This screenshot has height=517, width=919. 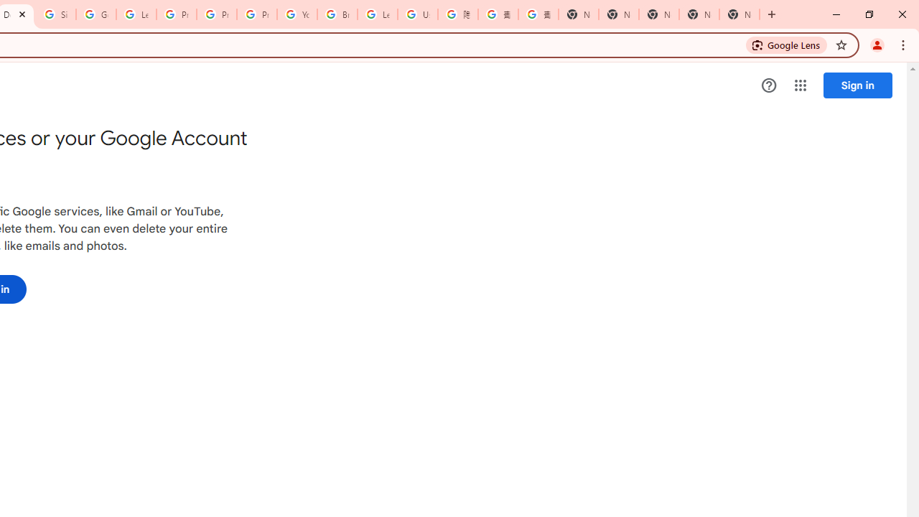 What do you see at coordinates (740, 14) in the screenshot?
I see `'New Tab'` at bounding box center [740, 14].